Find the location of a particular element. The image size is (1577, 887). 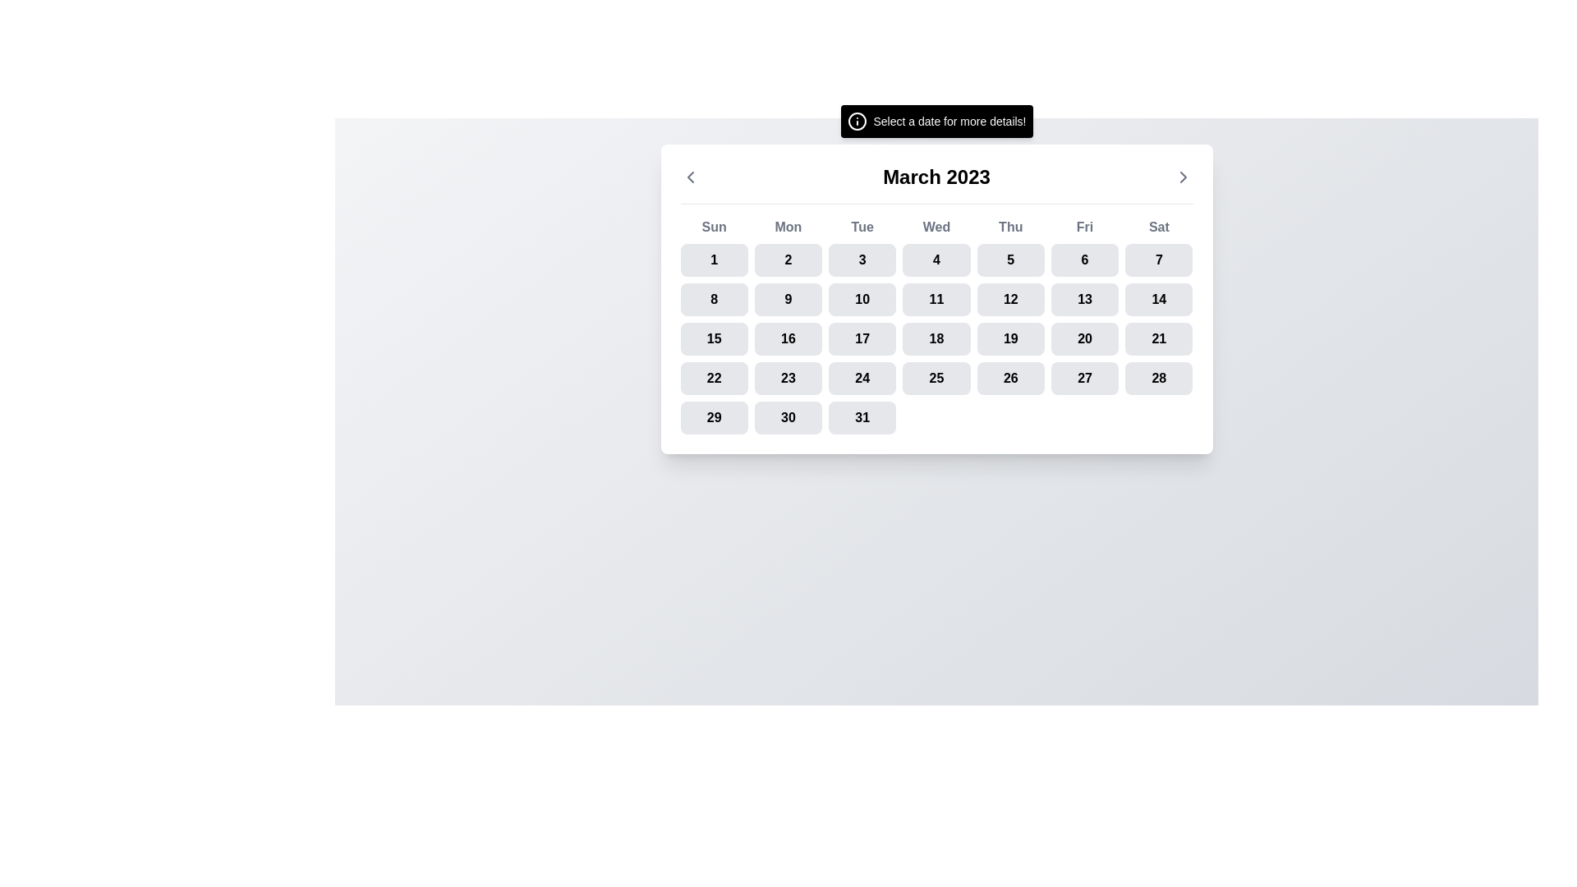

the rectangular button with rounded corners displaying the number '10' is located at coordinates (862, 300).